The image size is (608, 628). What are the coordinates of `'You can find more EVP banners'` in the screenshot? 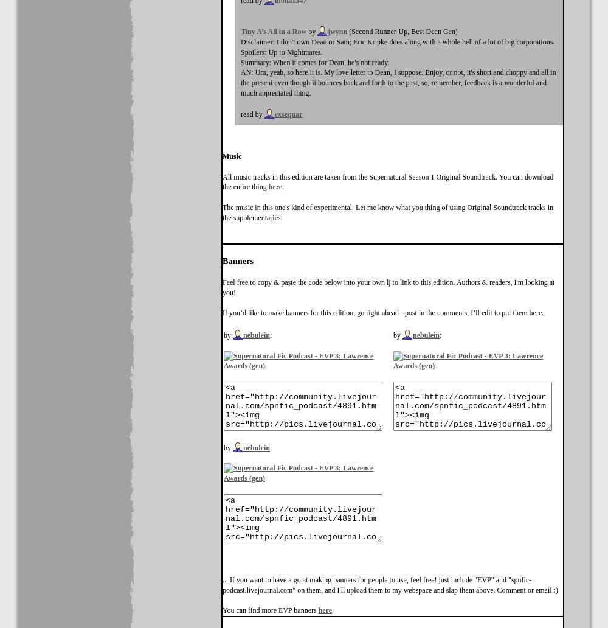 It's located at (269, 610).